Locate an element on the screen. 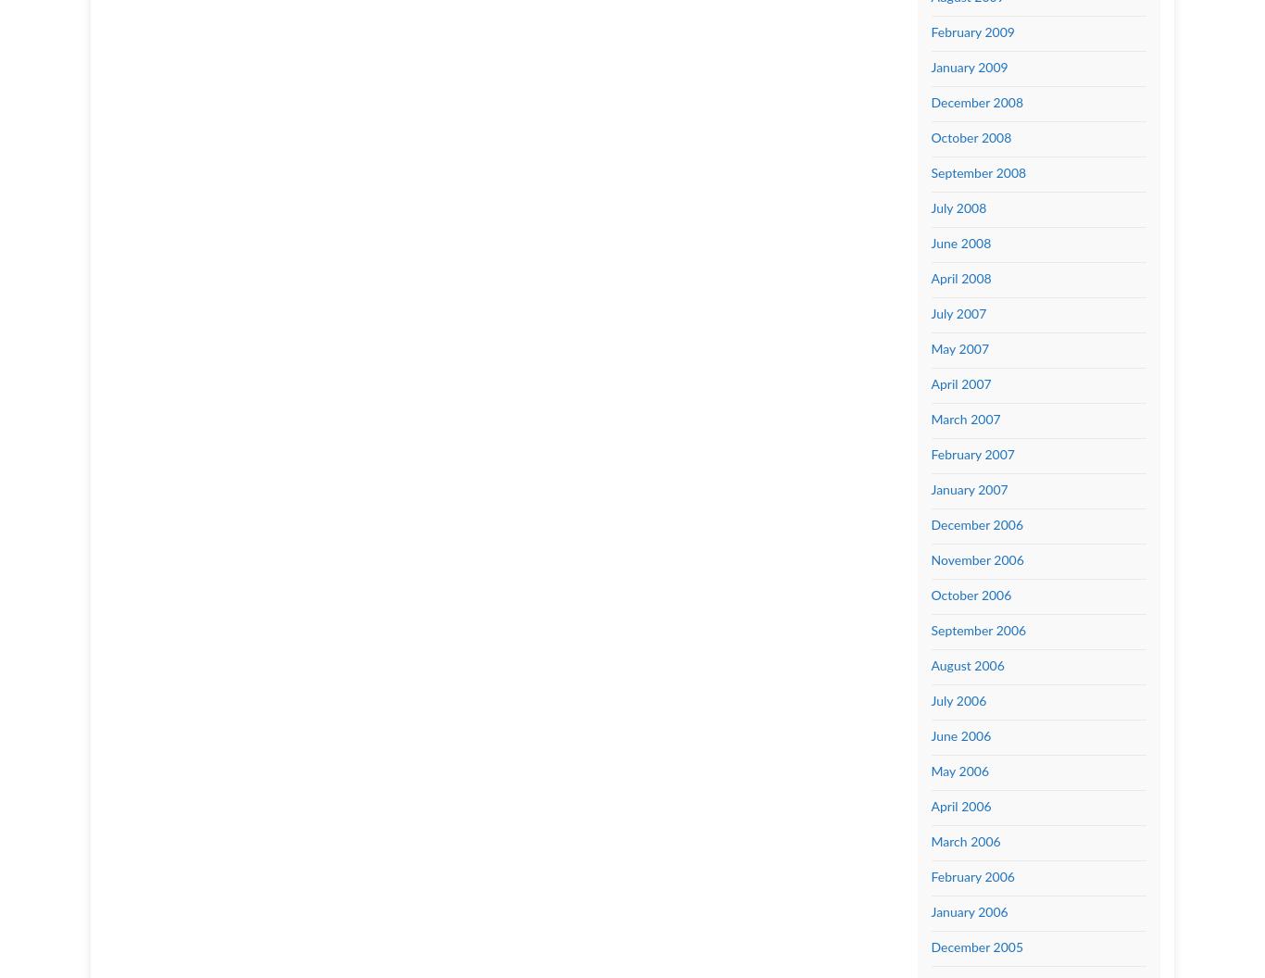 The height and width of the screenshot is (978, 1265). 'May 2006' is located at coordinates (958, 771).